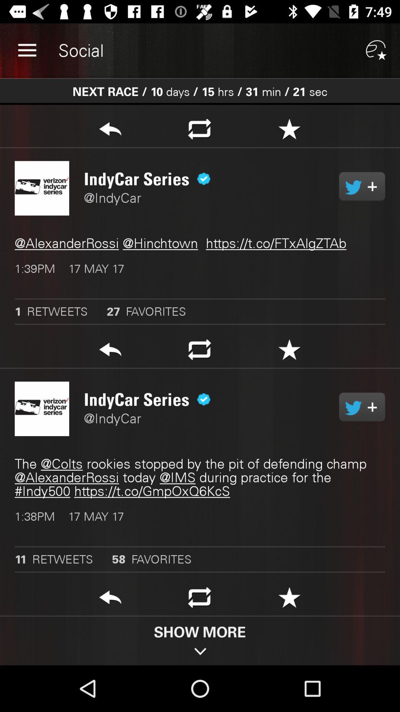 The image size is (400, 712). I want to click on retweet the tweet, so click(199, 600).